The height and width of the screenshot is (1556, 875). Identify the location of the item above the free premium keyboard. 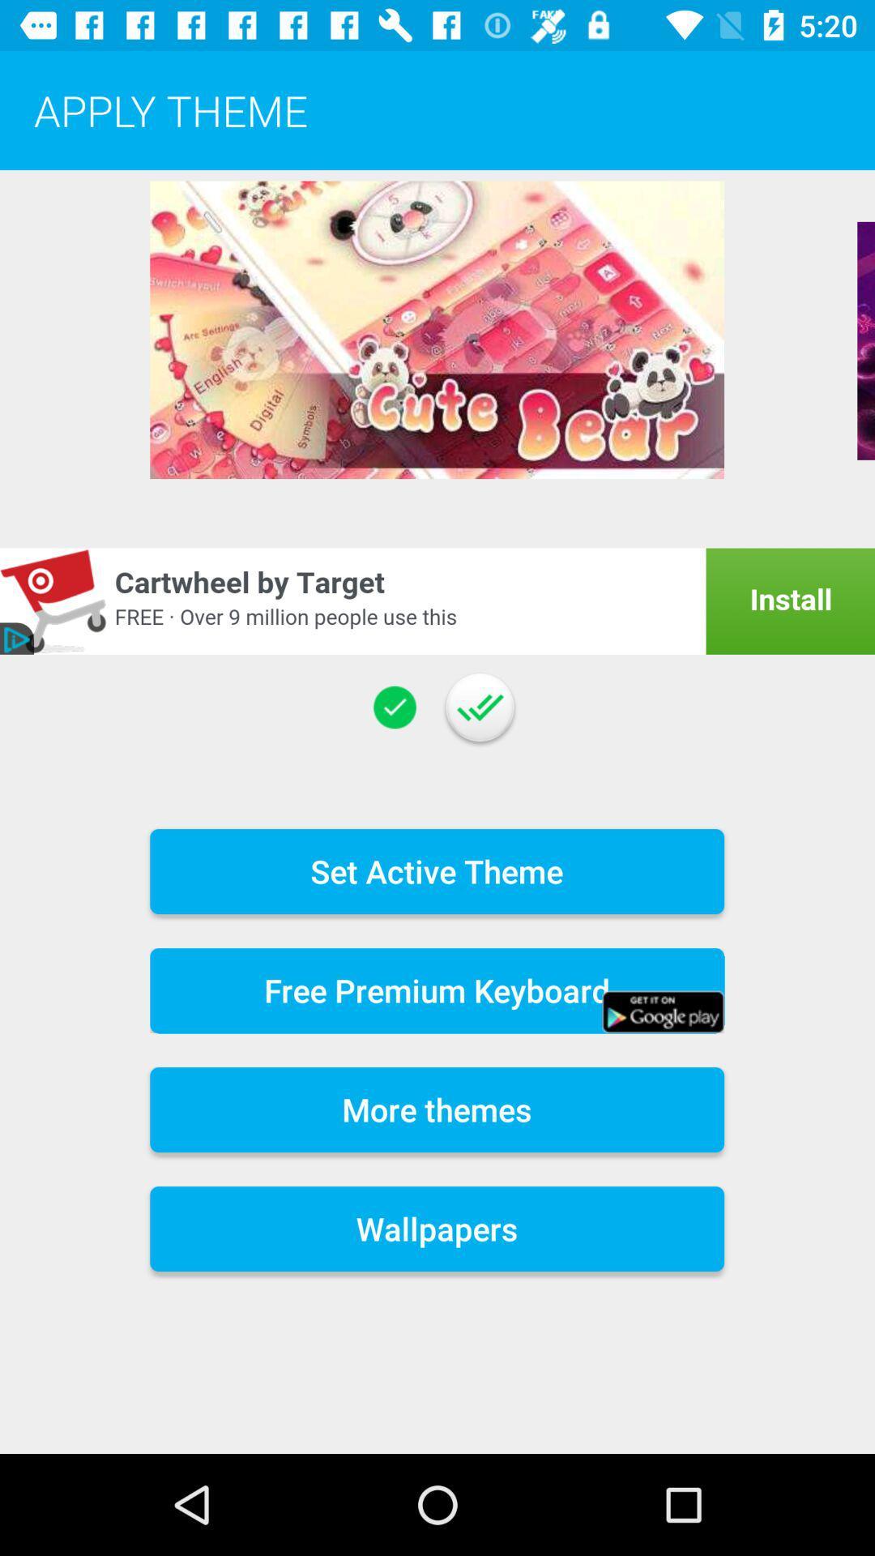
(436, 870).